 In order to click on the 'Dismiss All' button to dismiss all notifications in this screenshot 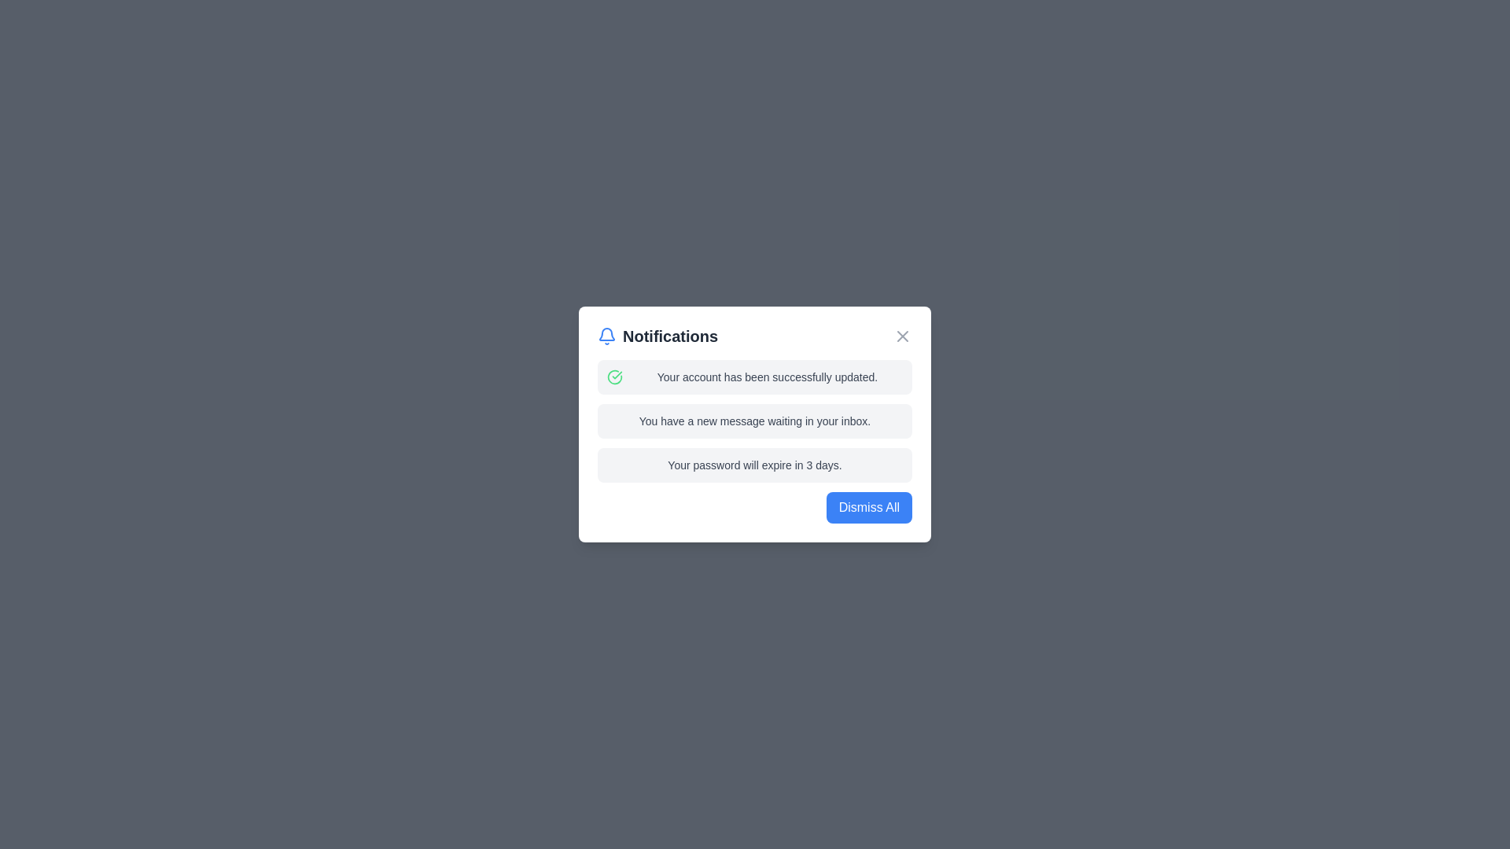, I will do `click(867, 507)`.